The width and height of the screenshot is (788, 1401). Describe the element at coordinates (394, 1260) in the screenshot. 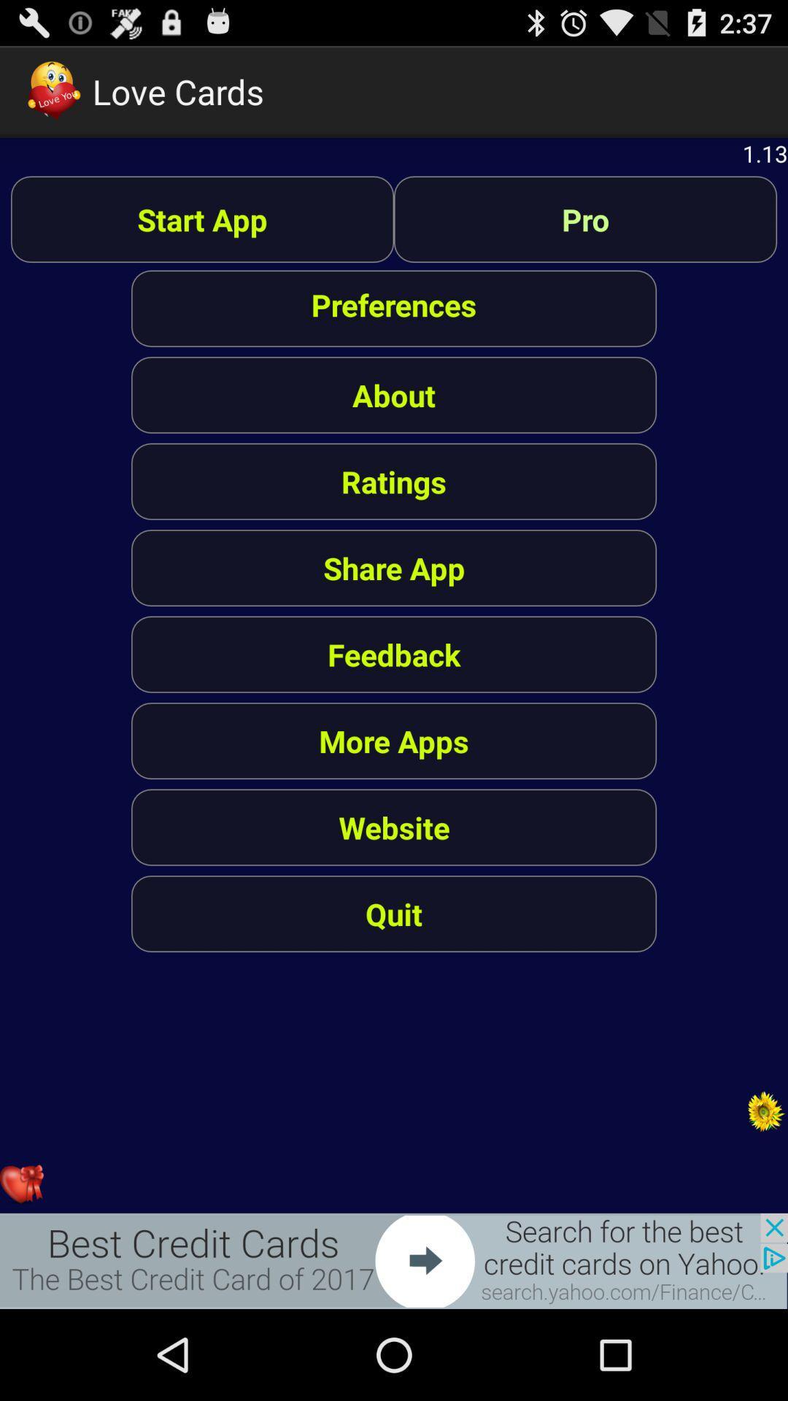

I see `advertisement page` at that location.